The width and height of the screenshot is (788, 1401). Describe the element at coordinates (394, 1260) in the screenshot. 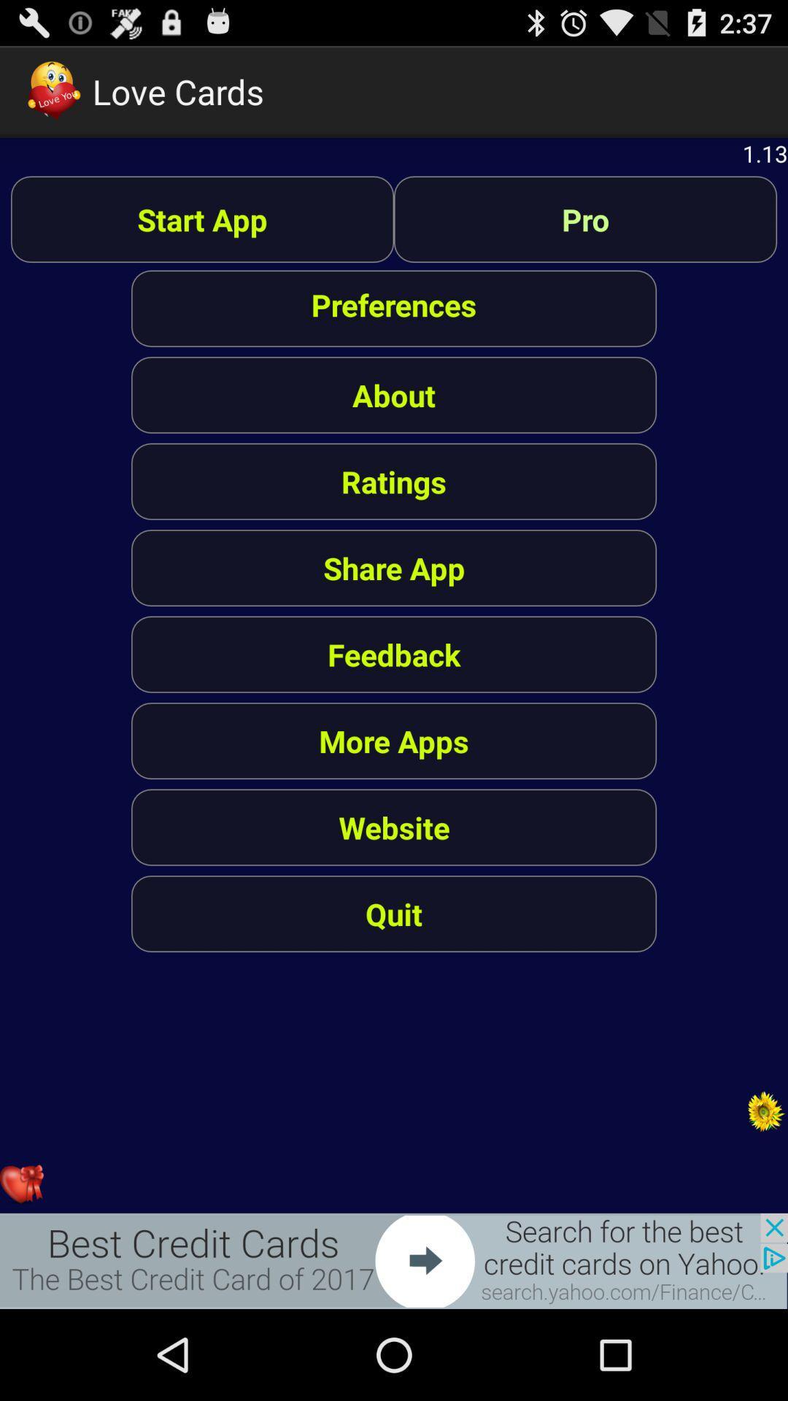

I see `advertisement page` at that location.